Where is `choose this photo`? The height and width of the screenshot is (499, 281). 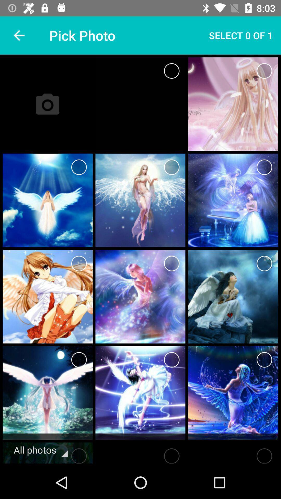
choose this photo is located at coordinates (79, 263).